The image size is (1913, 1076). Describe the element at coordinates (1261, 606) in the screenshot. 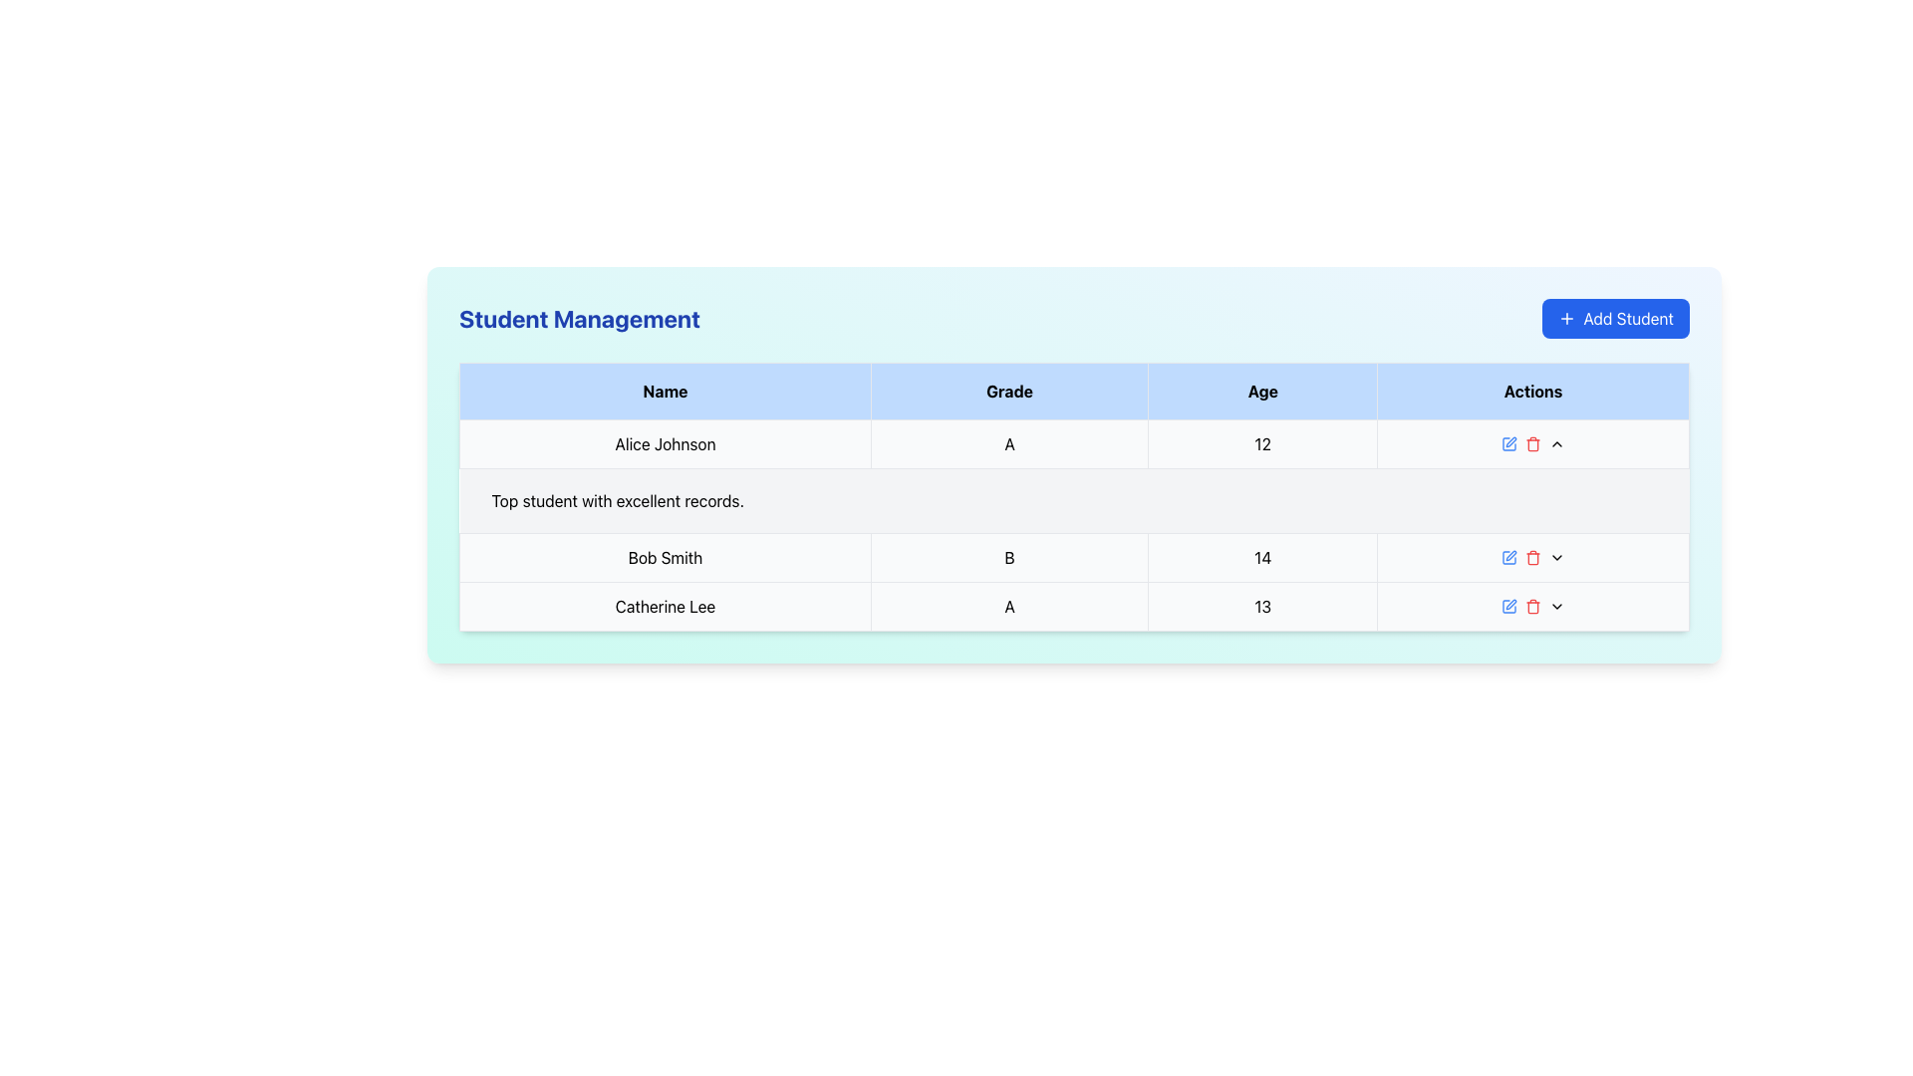

I see `the table cell displaying the age of the student 'Catherine Lee' located in the fourth row and third column of the table` at that location.